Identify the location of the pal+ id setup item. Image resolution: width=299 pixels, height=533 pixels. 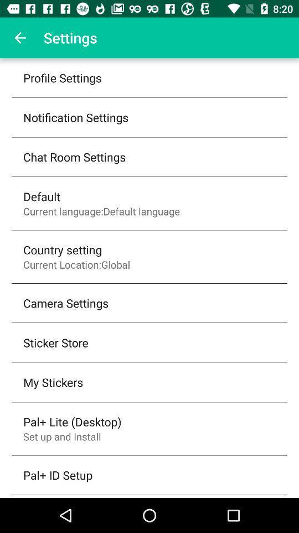
(58, 474).